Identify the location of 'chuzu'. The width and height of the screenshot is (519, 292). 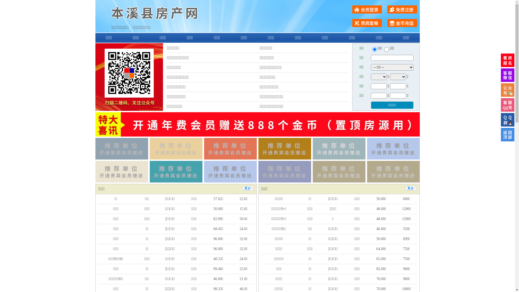
(384, 49).